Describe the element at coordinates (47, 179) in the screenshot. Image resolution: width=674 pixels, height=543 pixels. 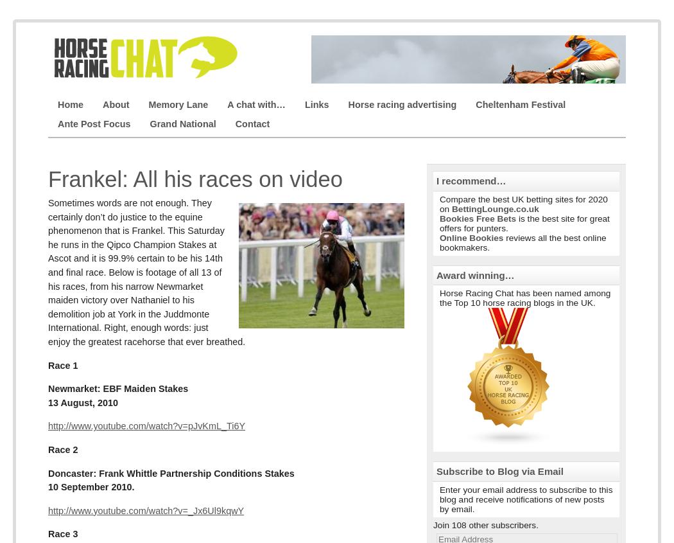
I see `'Frankel: All his races on video'` at that location.